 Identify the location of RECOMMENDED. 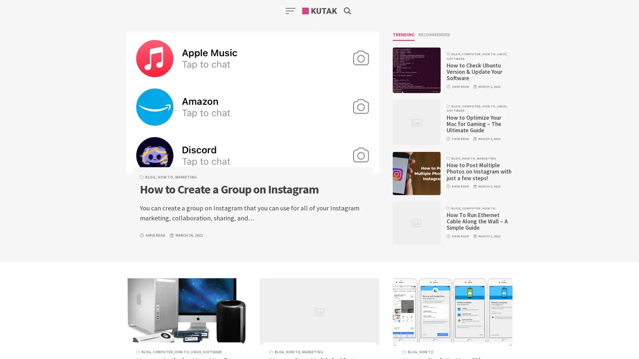
(434, 36).